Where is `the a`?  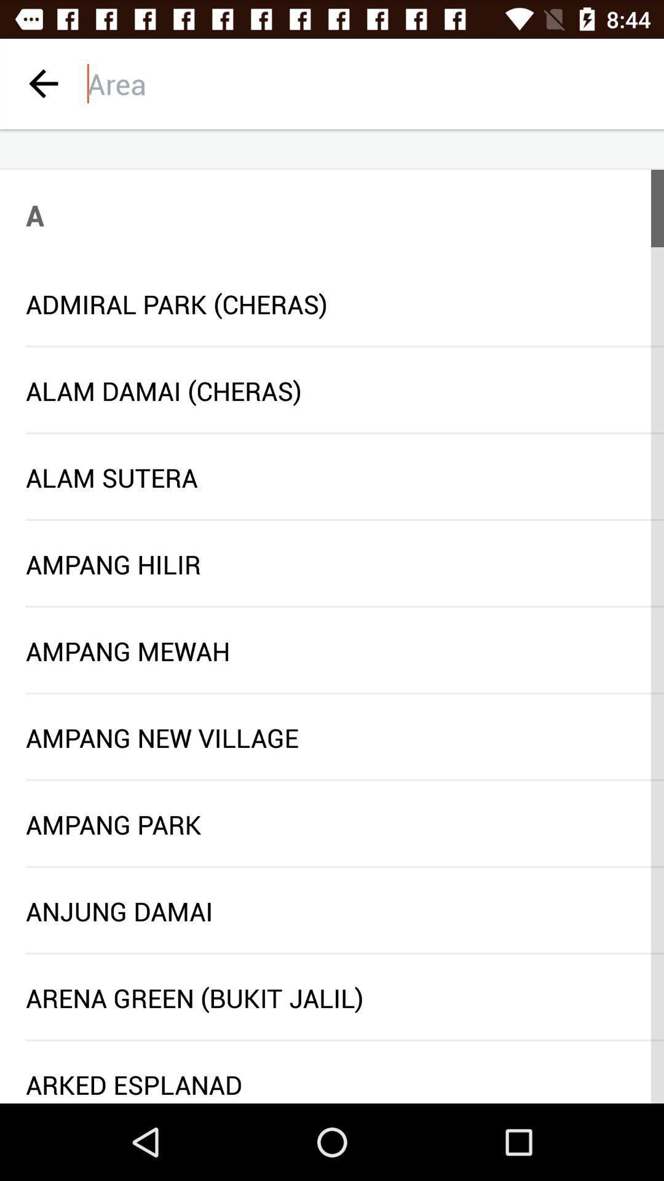 the a is located at coordinates (34, 215).